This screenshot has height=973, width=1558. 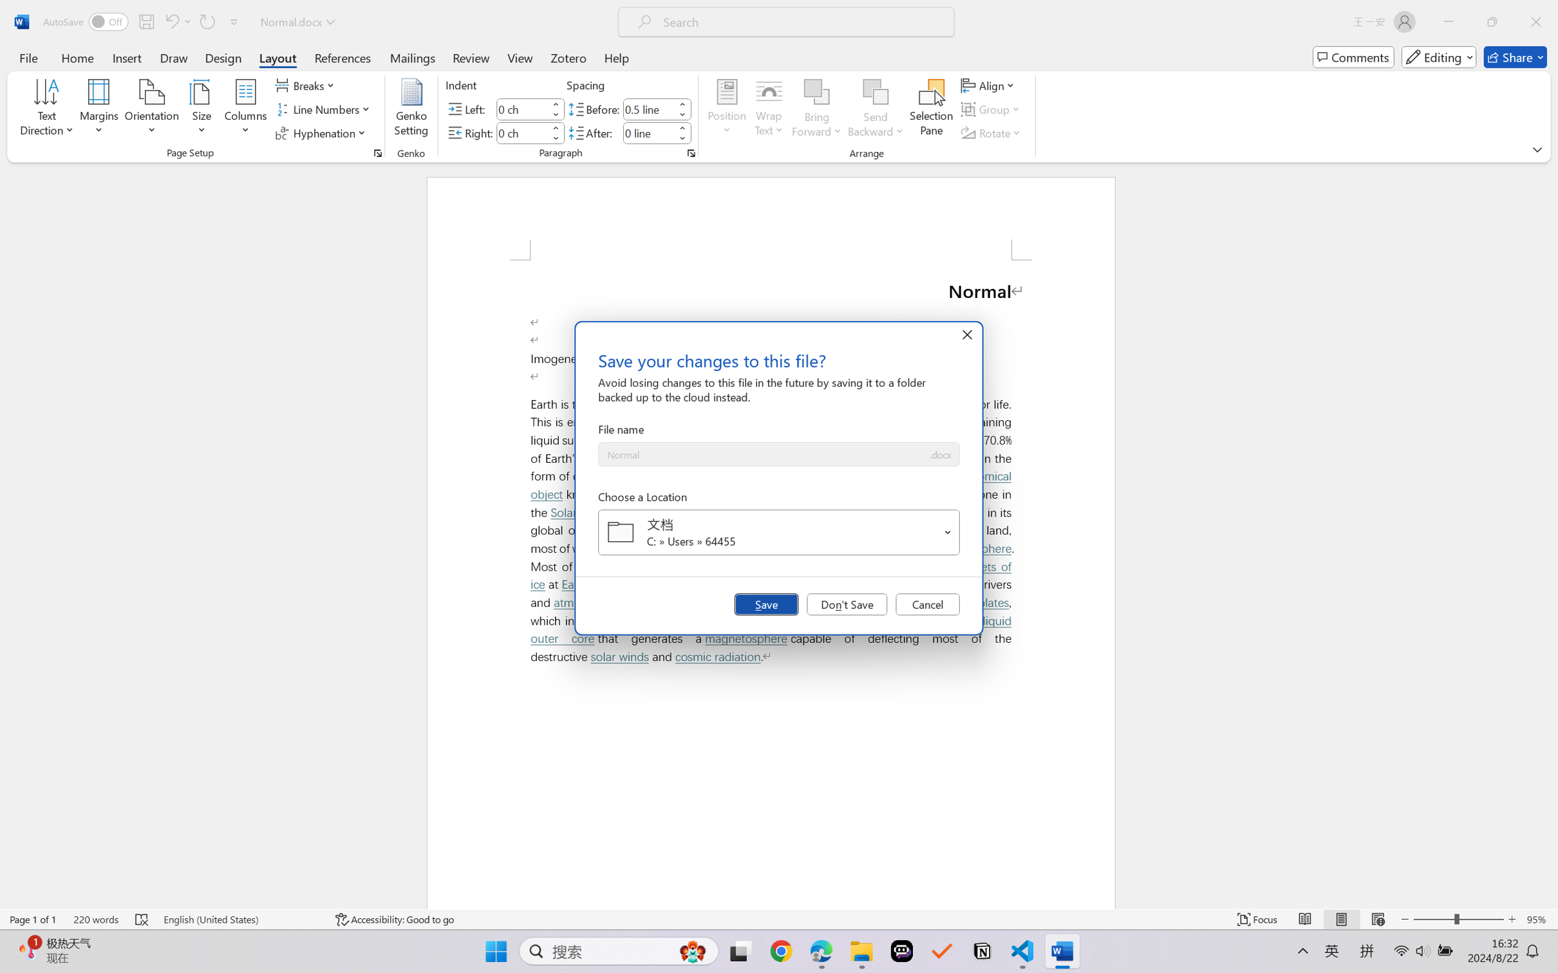 I want to click on 'Bring Forward', so click(x=817, y=109).